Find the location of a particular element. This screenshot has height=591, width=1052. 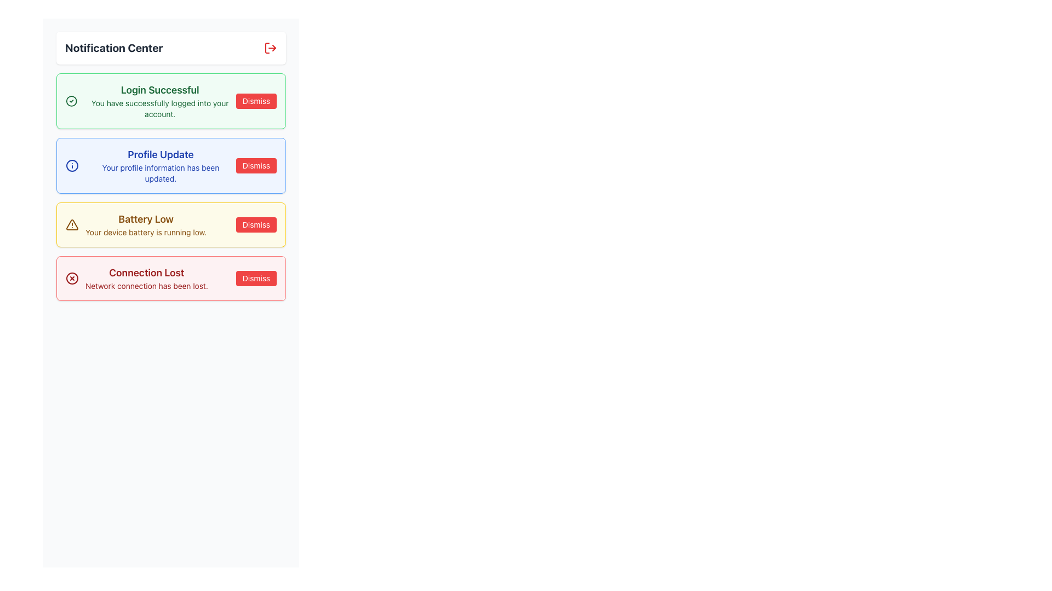

the text label 'Profile Update' which is styled with a blue font and located at the top half of the second notification card is located at coordinates (160, 154).